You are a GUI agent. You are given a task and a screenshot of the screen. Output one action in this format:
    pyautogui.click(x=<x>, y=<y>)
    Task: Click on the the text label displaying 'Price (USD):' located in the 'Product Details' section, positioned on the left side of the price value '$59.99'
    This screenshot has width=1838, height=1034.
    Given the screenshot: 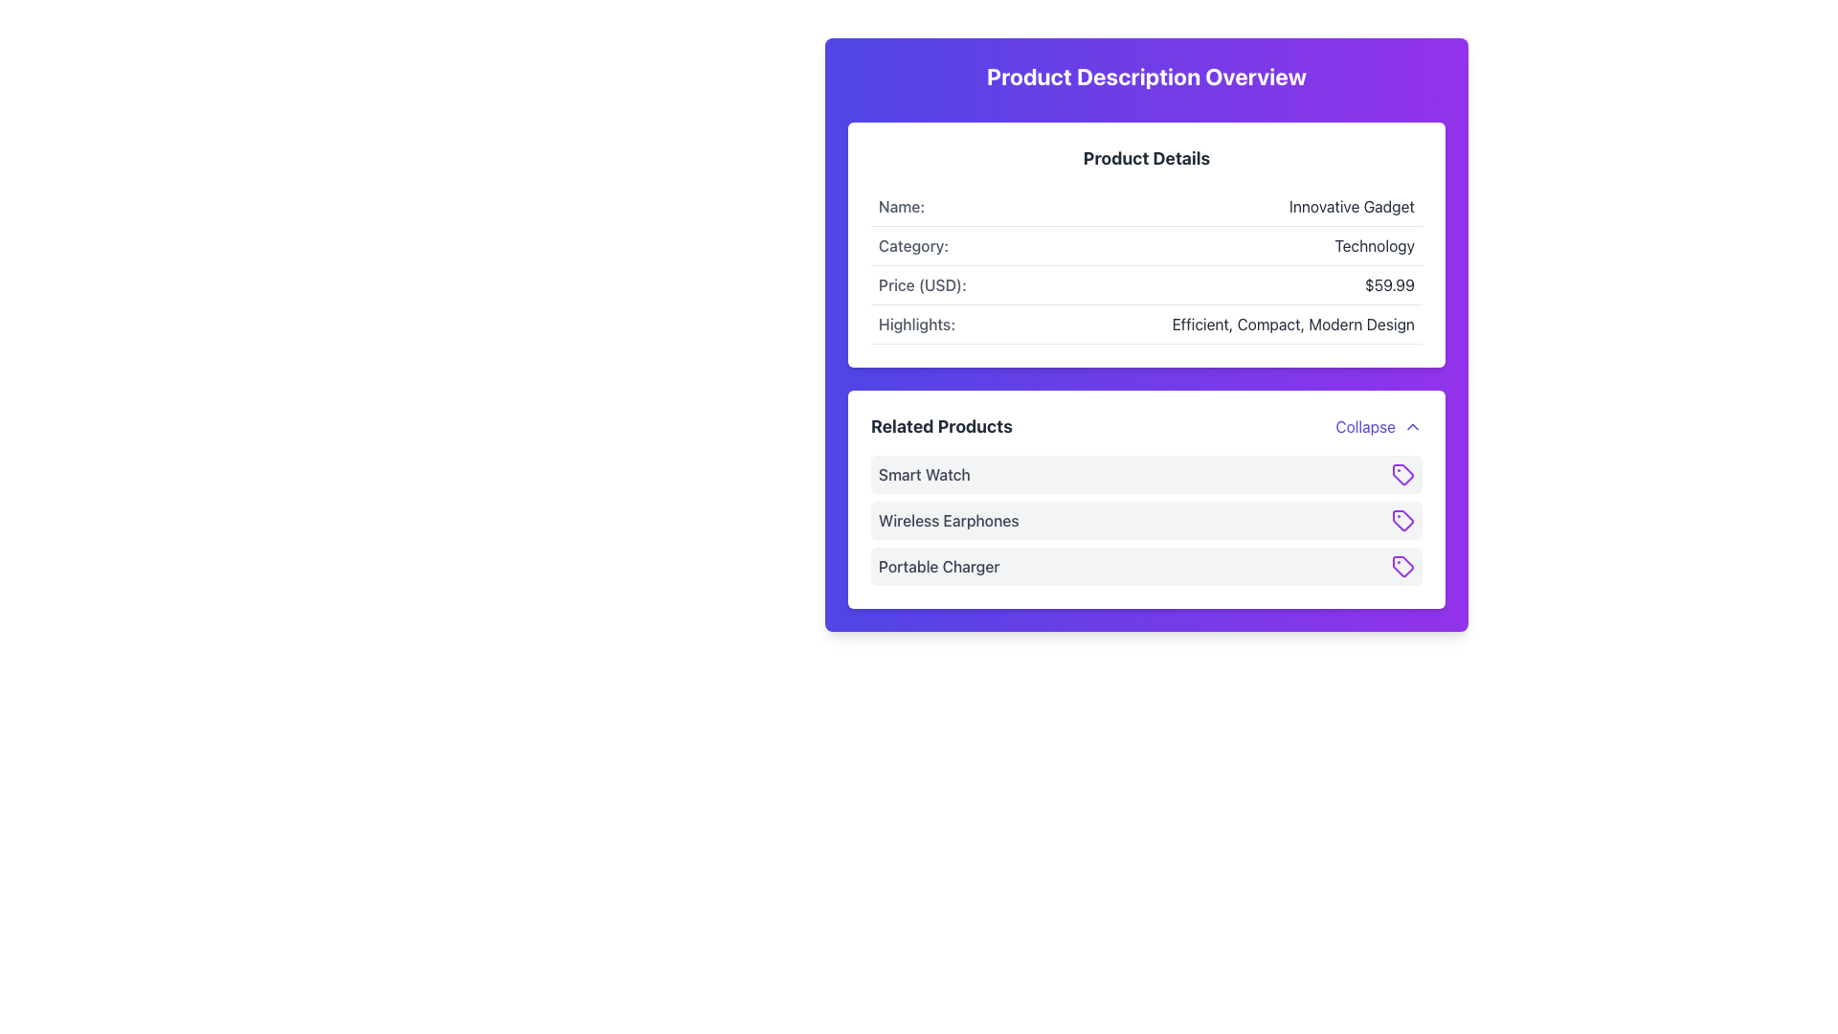 What is the action you would take?
    pyautogui.click(x=922, y=284)
    